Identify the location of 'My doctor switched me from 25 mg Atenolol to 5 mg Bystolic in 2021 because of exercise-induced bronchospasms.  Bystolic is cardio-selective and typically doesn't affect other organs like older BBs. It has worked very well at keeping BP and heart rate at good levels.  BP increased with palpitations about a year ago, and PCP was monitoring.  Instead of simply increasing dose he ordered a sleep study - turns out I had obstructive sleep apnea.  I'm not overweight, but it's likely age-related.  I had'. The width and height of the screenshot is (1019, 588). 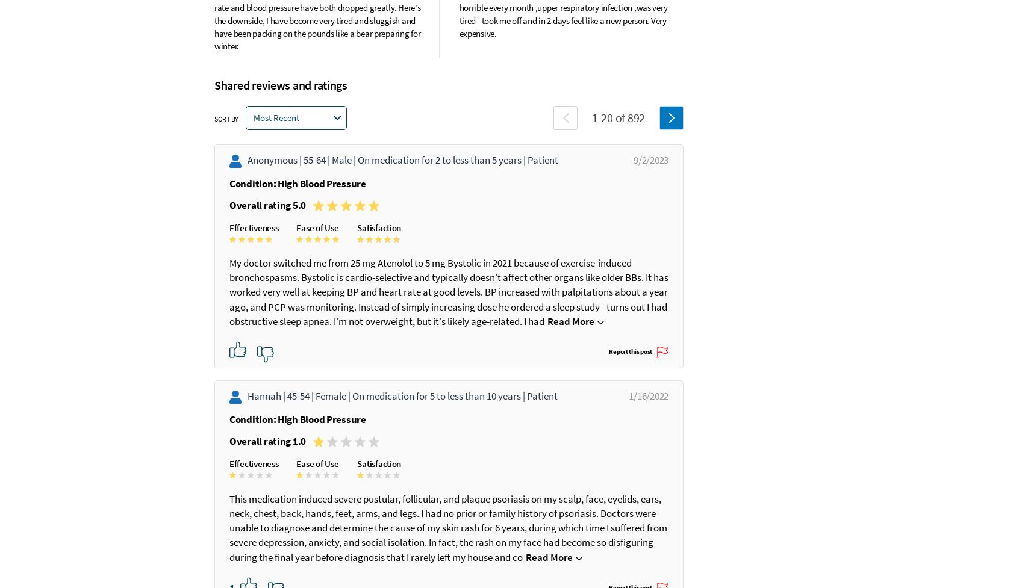
(440, 291).